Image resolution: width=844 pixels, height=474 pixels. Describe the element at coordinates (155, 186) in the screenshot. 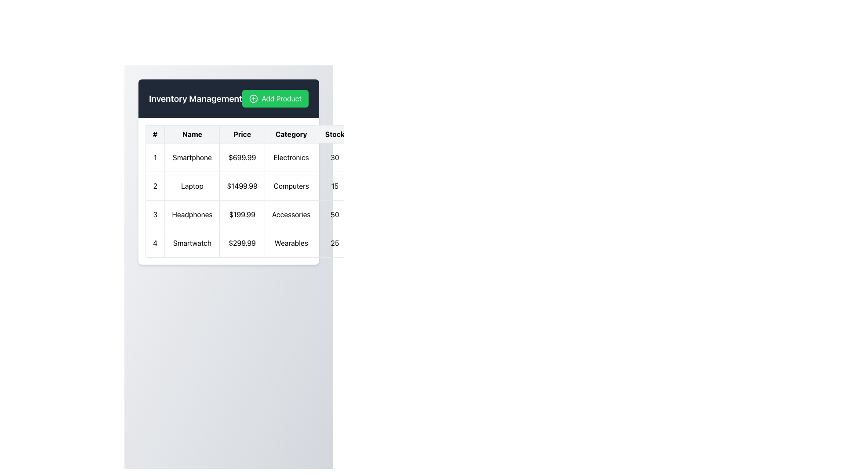

I see `the Text Label displaying the row index in the second row of the table, which is located beneath the '#' header and adjacent to the 'Laptop' text` at that location.